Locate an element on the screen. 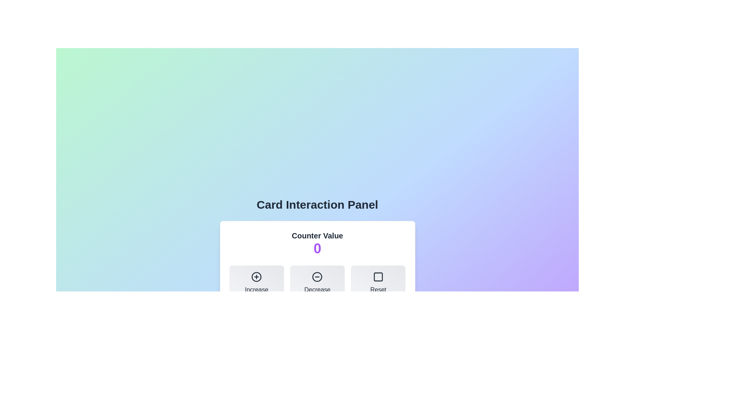  the central icon within the 'Decrease' button is located at coordinates (317, 277).